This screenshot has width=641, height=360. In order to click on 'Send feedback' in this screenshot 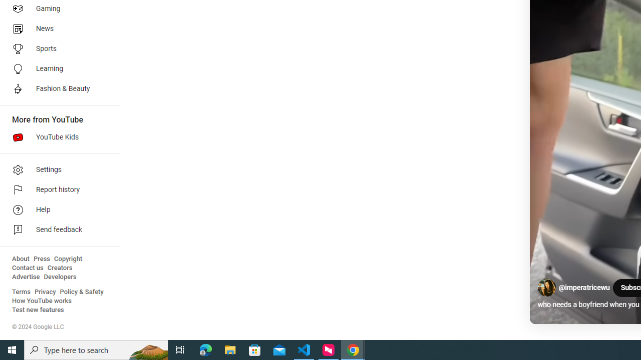, I will do `click(56, 230)`.